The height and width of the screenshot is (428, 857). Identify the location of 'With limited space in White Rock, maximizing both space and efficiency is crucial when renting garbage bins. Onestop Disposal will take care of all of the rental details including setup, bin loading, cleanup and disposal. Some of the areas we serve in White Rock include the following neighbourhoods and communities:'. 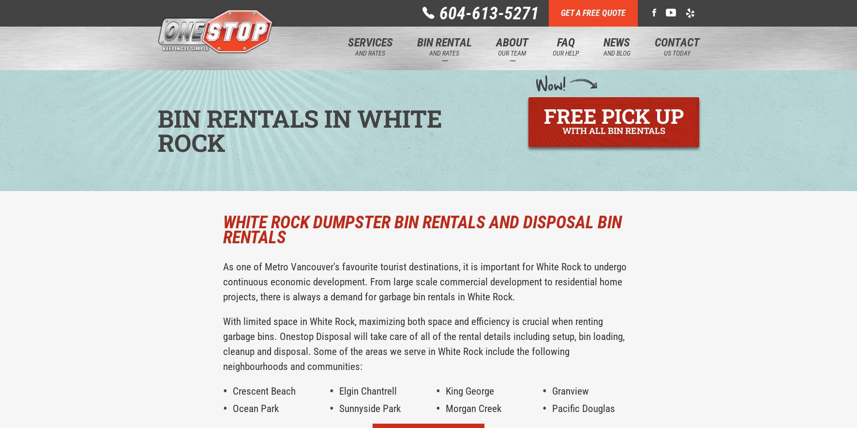
(222, 343).